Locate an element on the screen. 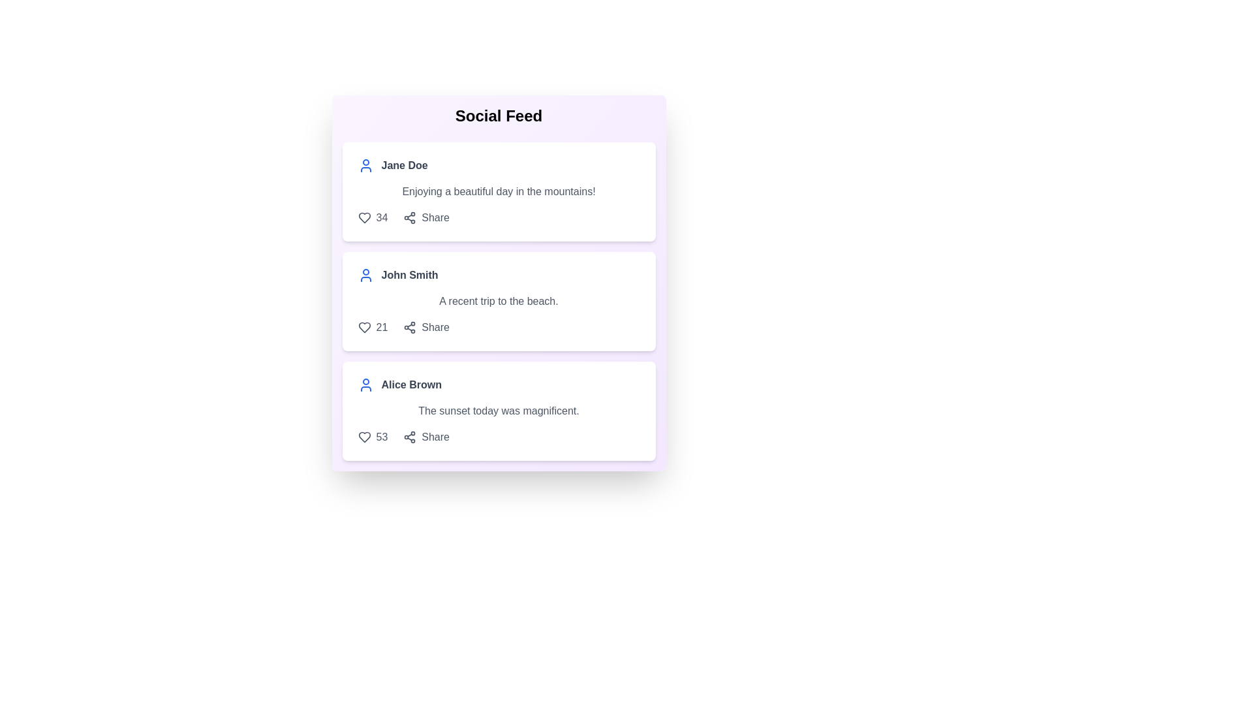  'Like' button for the post by Jane Doe is located at coordinates (364, 217).